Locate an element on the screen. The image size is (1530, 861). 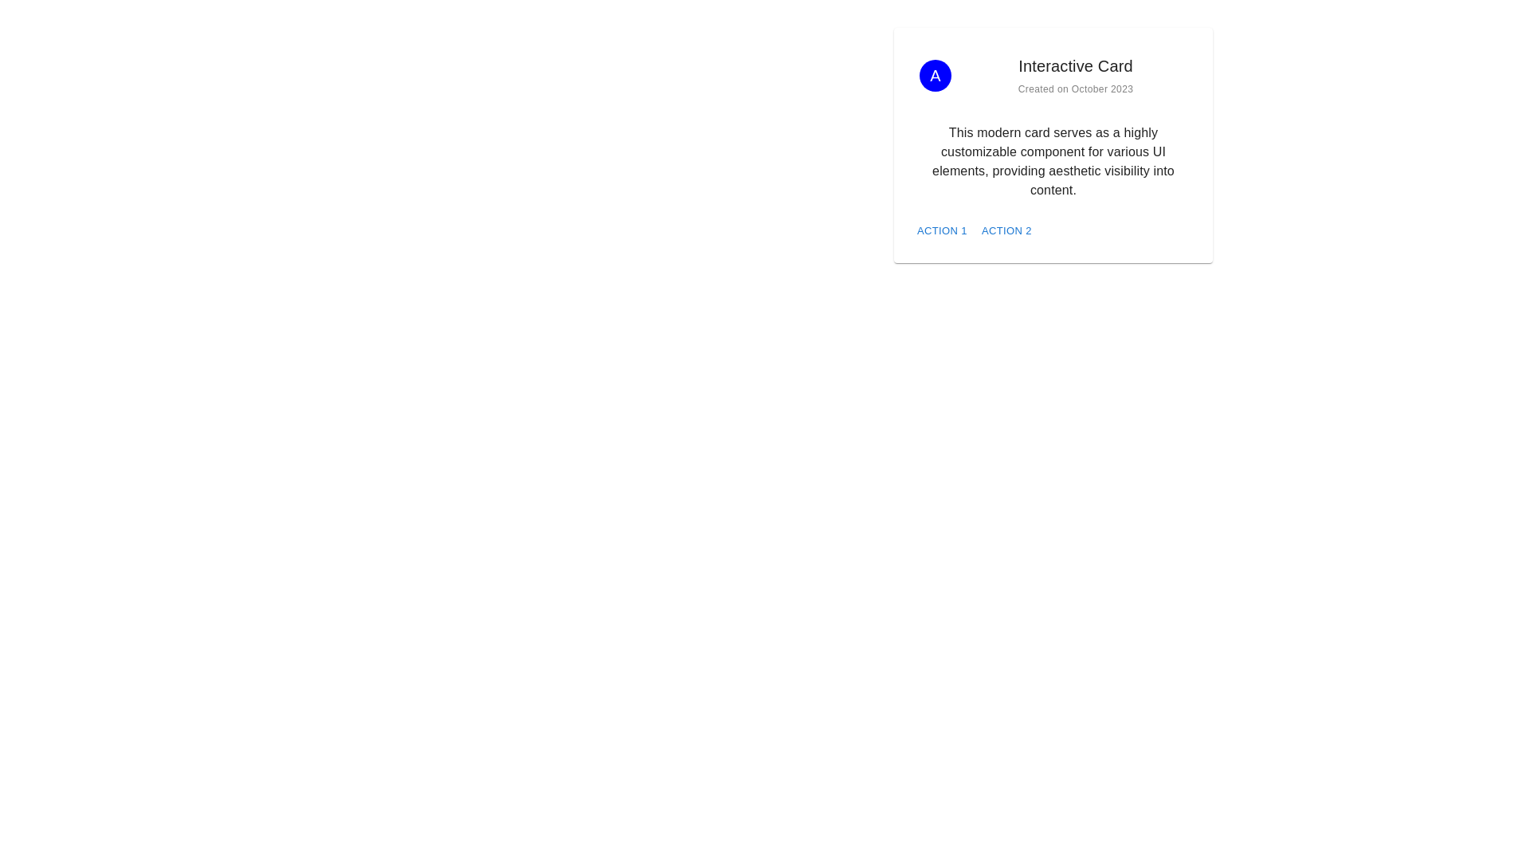
the blue-colored button labeled 'Action 1', which is the first button is located at coordinates (942, 231).